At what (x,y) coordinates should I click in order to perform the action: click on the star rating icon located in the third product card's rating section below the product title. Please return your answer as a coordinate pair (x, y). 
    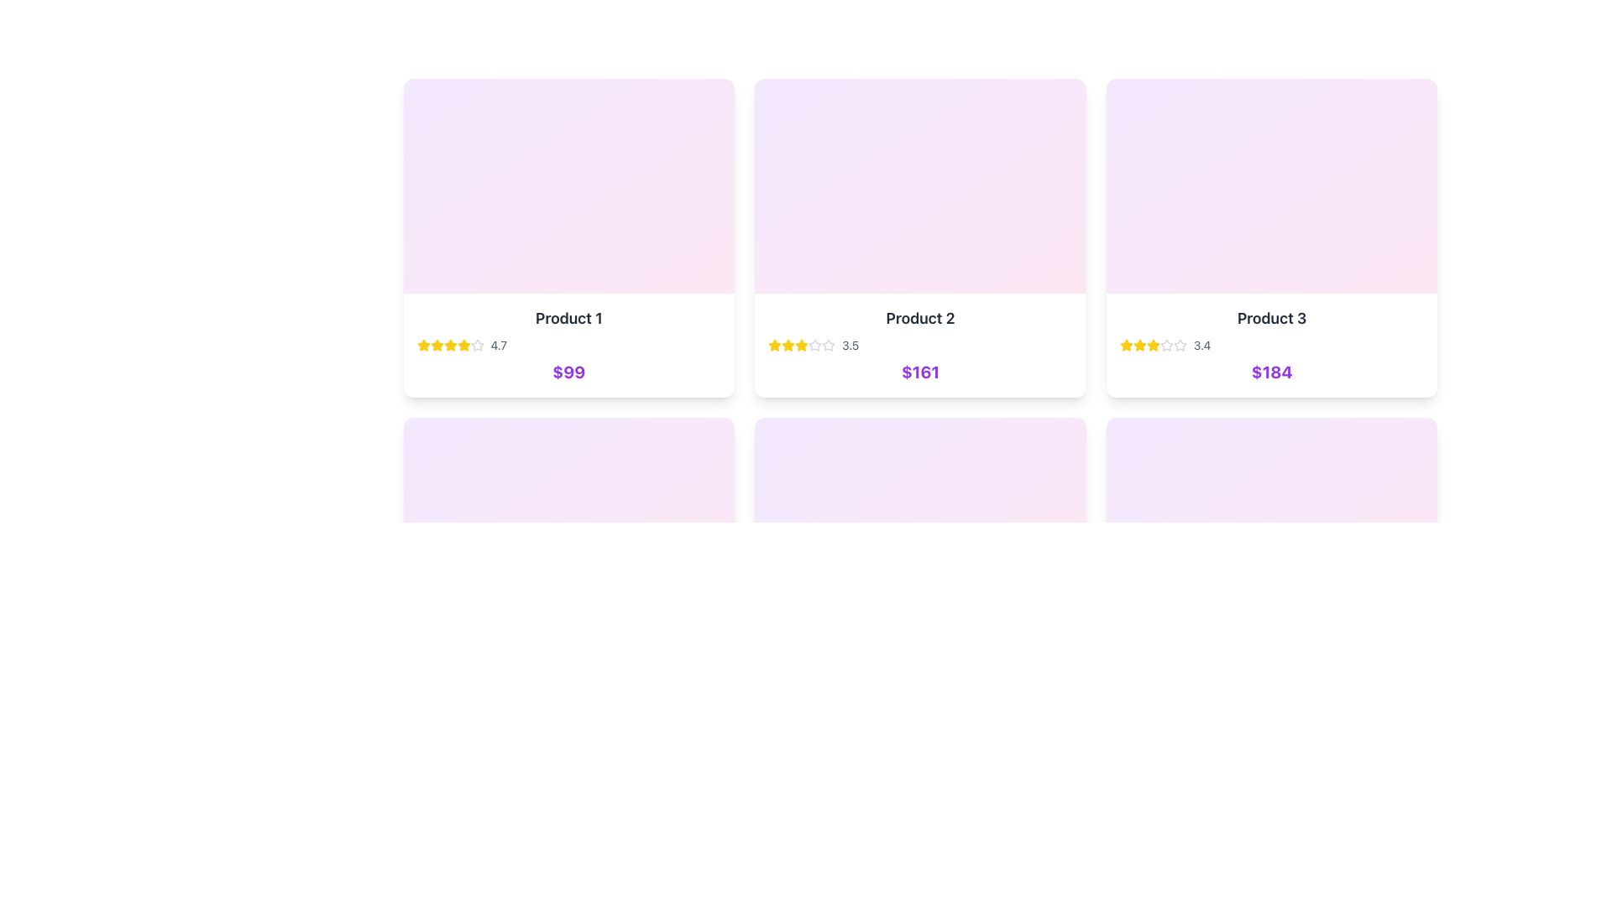
    Looking at the image, I should click on (1126, 344).